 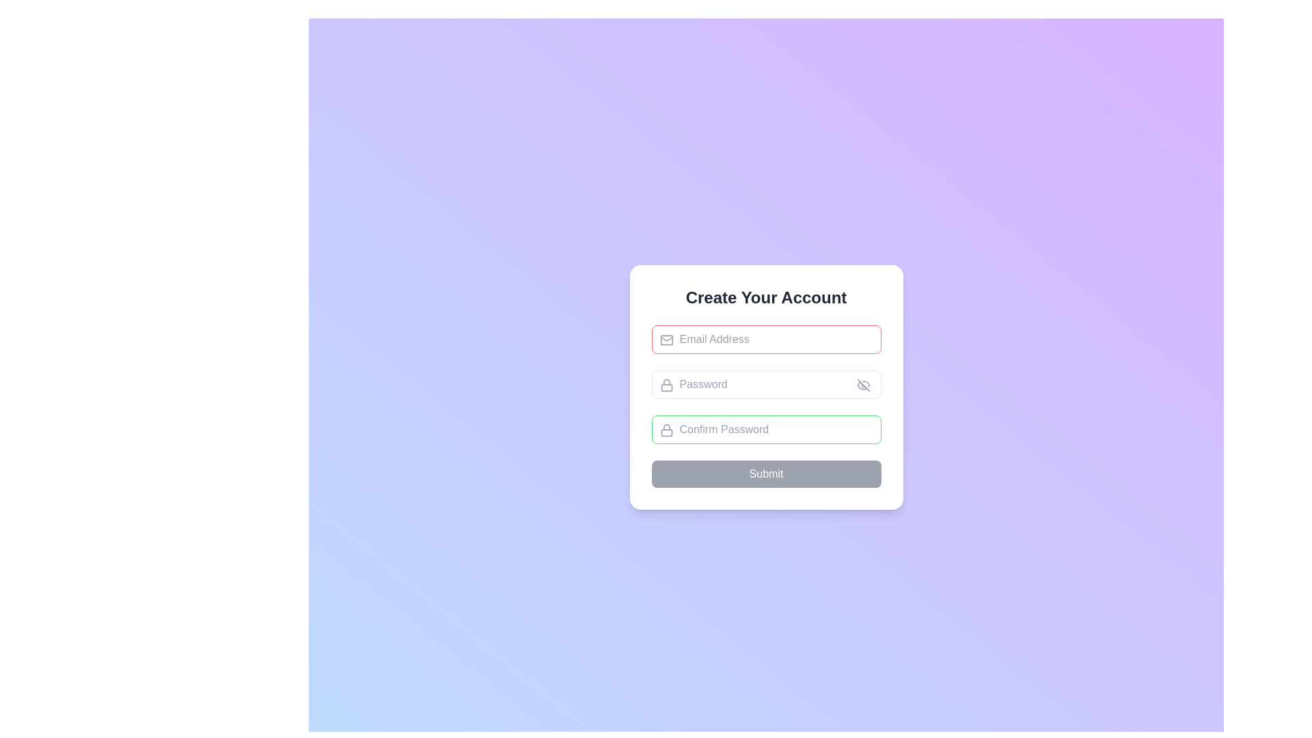 What do you see at coordinates (766, 428) in the screenshot?
I see `the password confirmation input field located below the 'Password' input field and above the 'Submit' button to focus on it` at bounding box center [766, 428].